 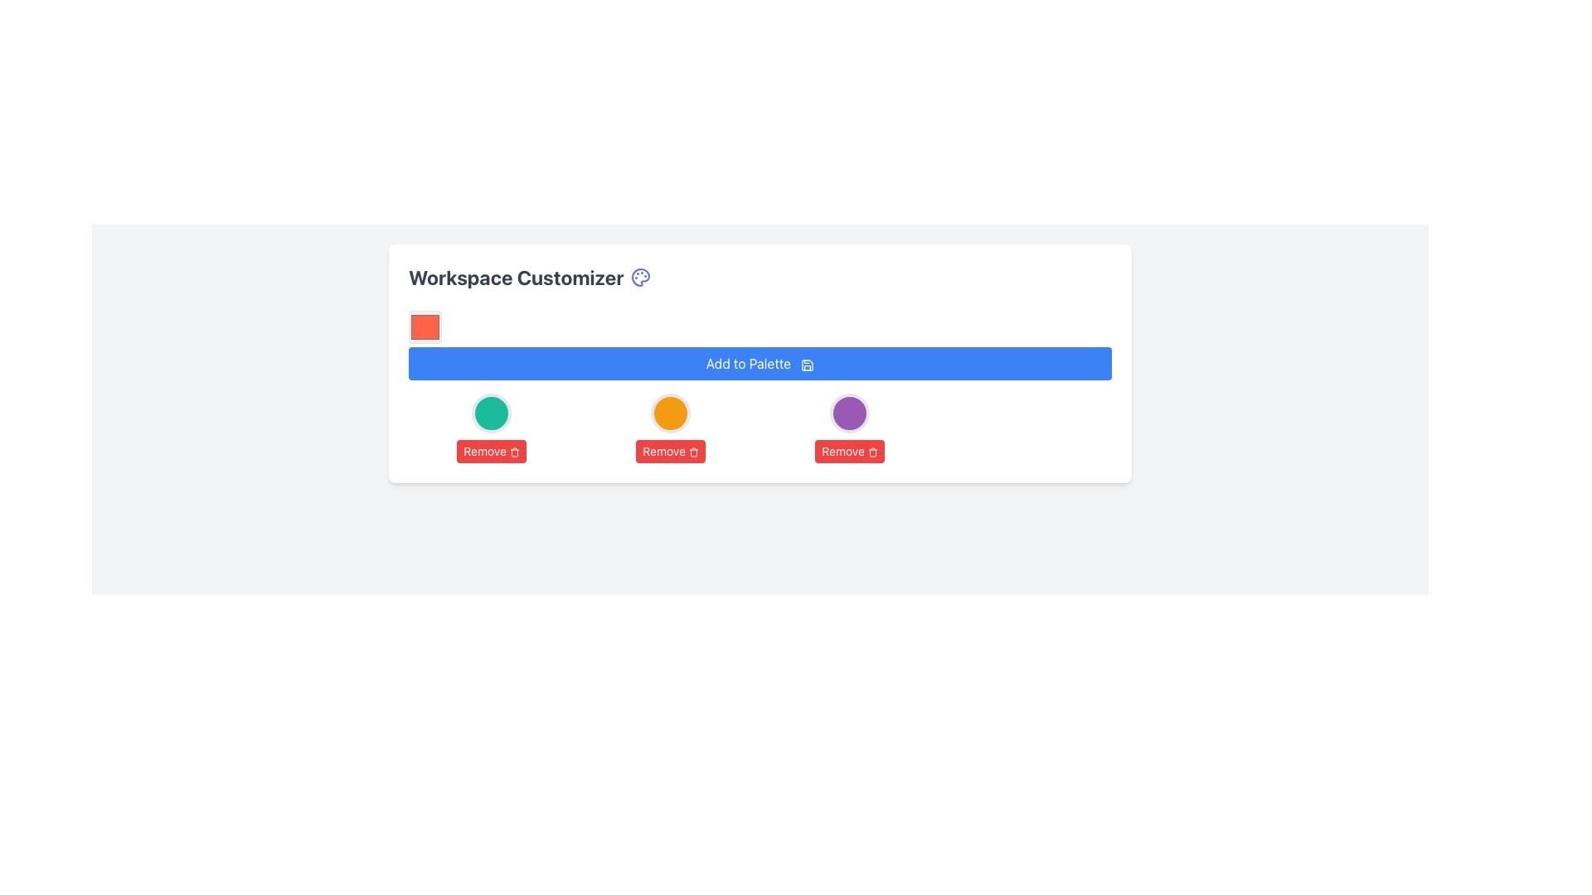 What do you see at coordinates (491, 427) in the screenshot?
I see `the button with the green circular icon above it` at bounding box center [491, 427].